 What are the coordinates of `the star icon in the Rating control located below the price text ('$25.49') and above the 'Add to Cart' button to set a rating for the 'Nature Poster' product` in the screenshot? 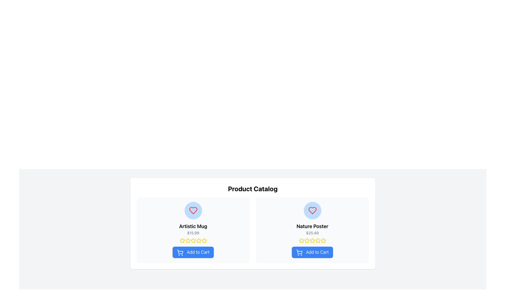 It's located at (312, 240).